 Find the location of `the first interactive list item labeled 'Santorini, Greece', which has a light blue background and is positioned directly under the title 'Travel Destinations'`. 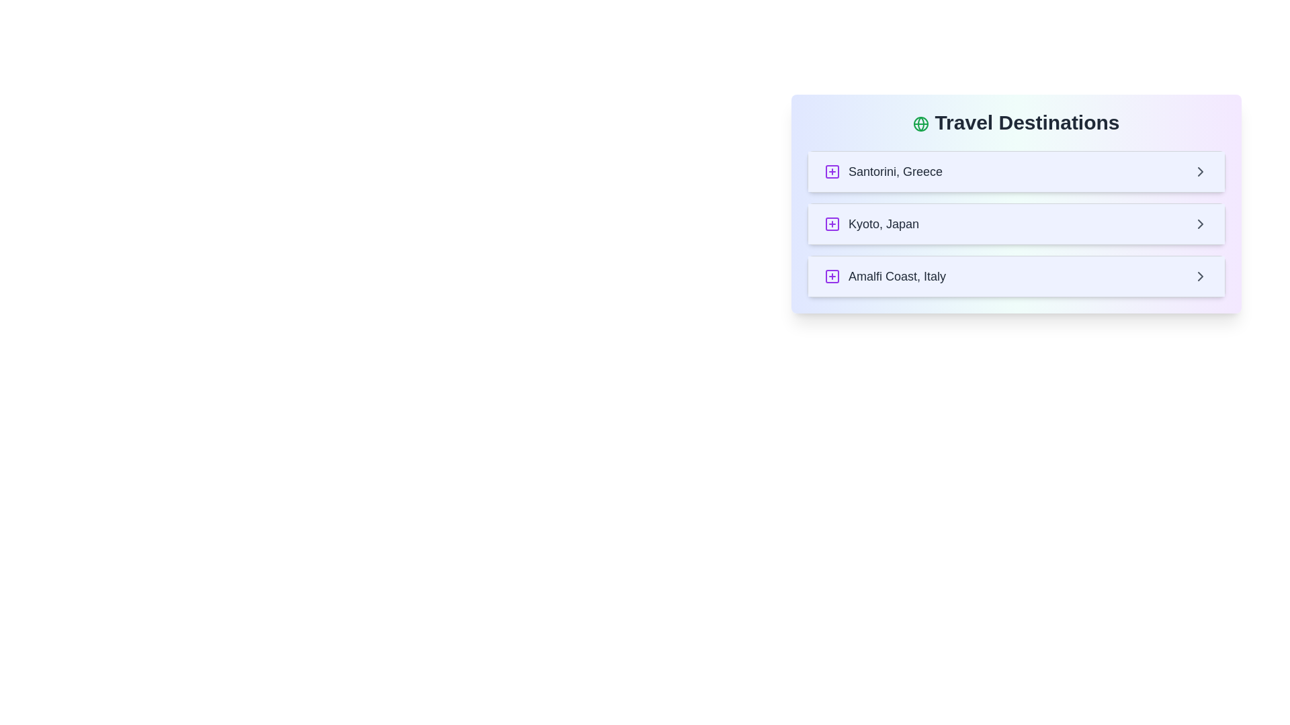

the first interactive list item labeled 'Santorini, Greece', which has a light blue background and is positioned directly under the title 'Travel Destinations' is located at coordinates (1016, 171).